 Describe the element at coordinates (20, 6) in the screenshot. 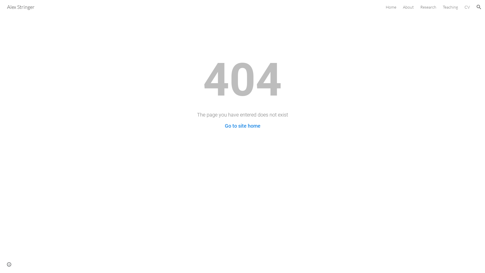

I see `'Alex Stringer'` at that location.